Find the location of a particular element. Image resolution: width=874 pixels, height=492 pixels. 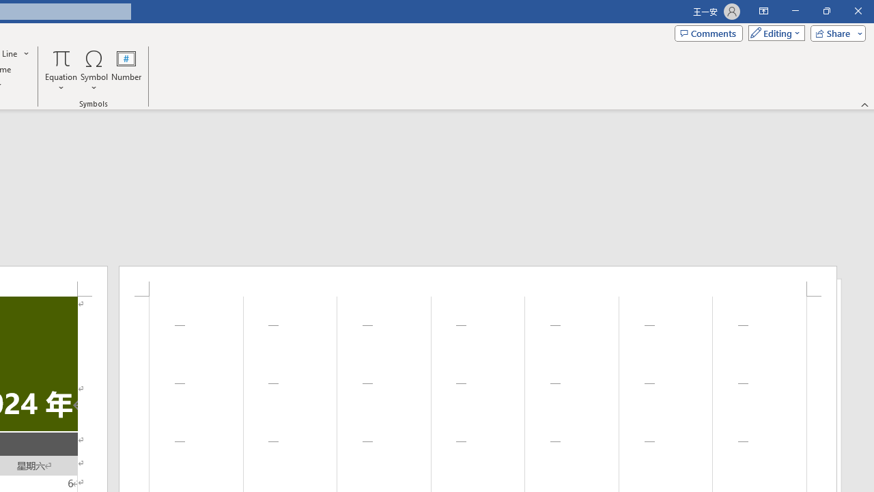

'Symbol' is located at coordinates (94, 70).